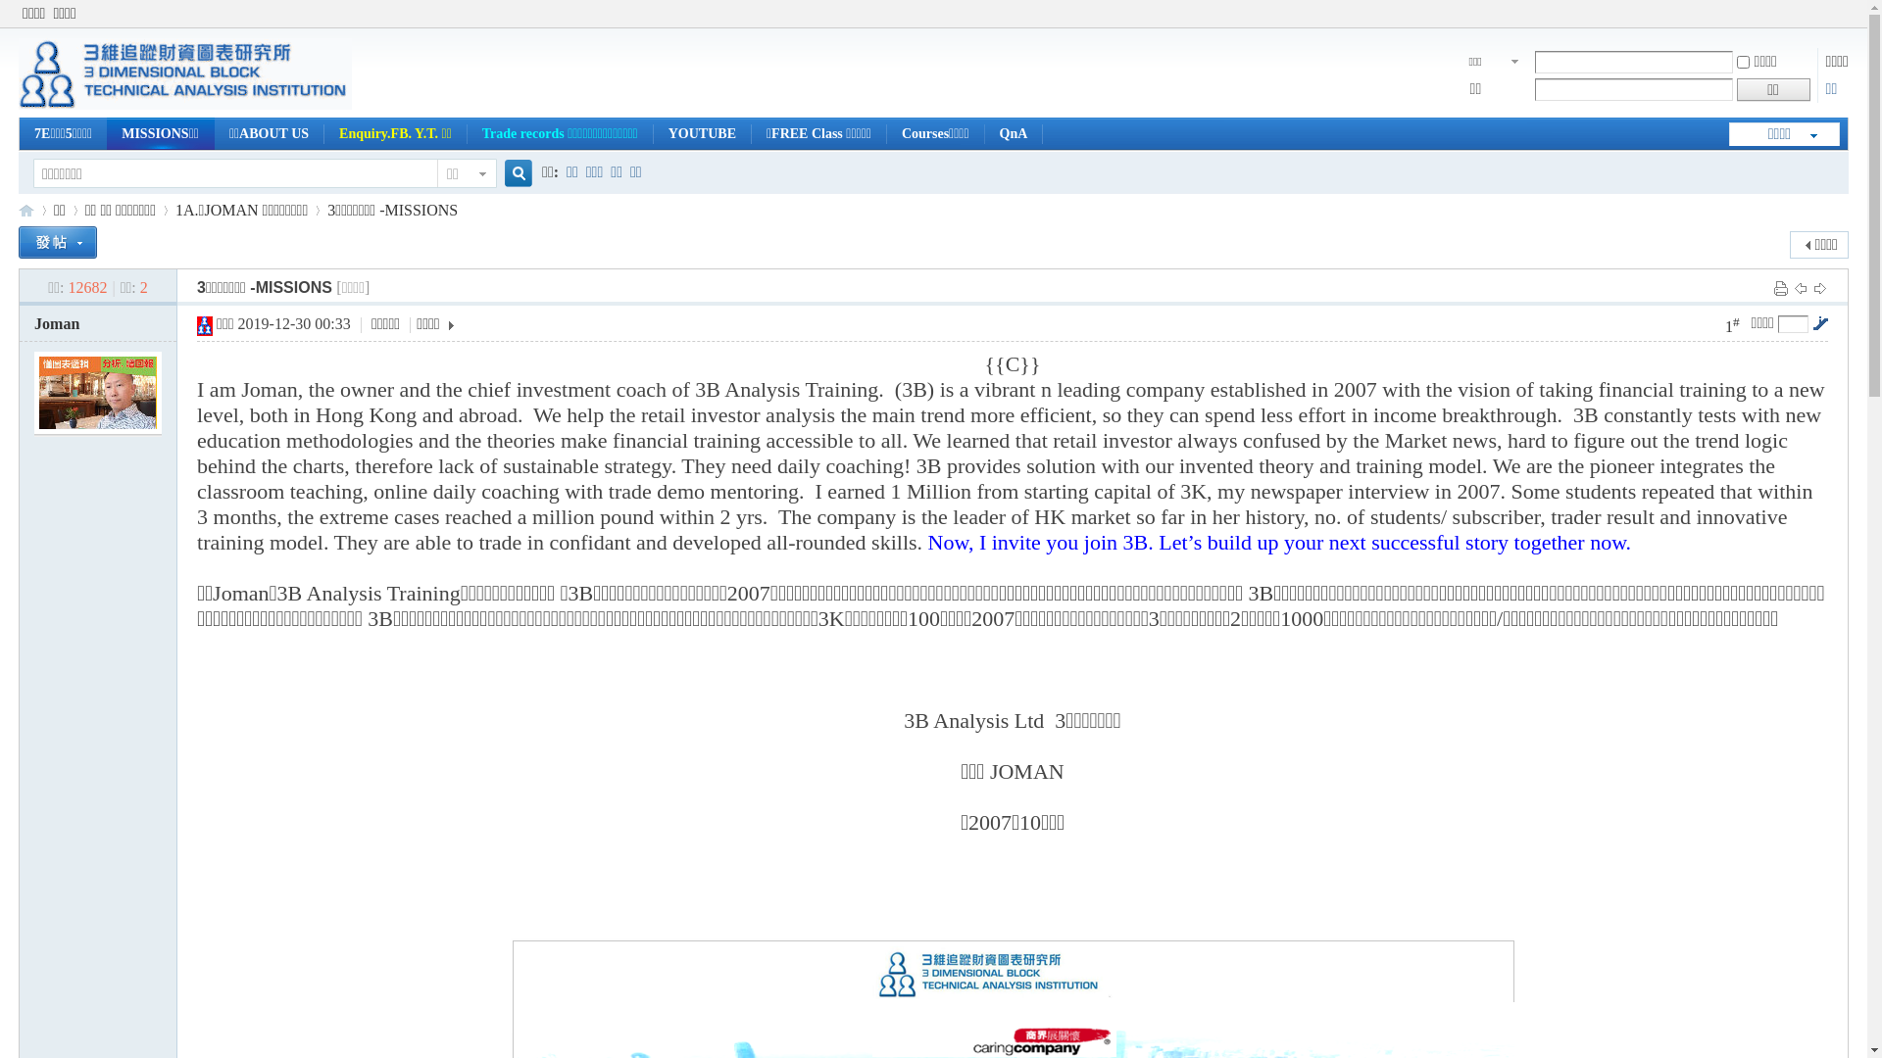  Describe the element at coordinates (56, 322) in the screenshot. I see `'Joman'` at that location.